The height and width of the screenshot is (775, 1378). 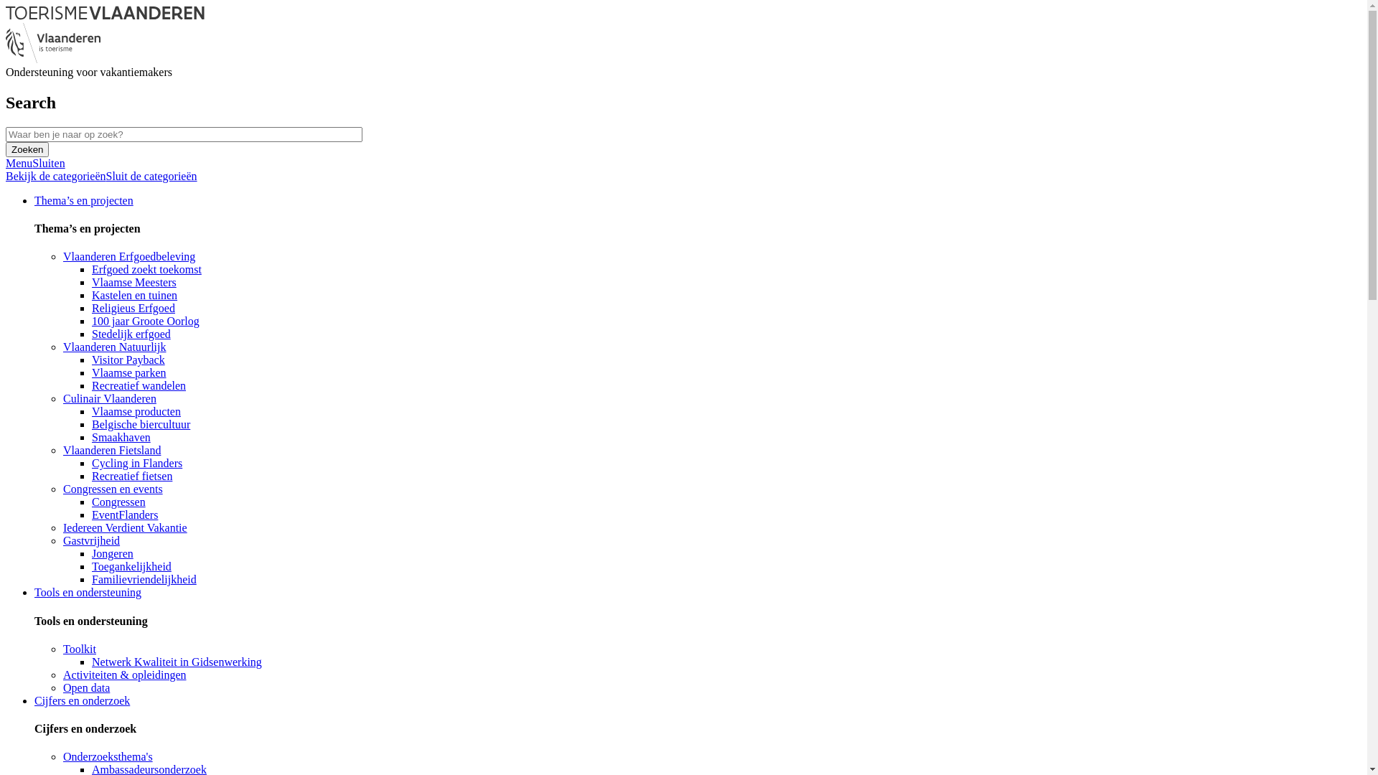 What do you see at coordinates (85, 687) in the screenshot?
I see `'Open data'` at bounding box center [85, 687].